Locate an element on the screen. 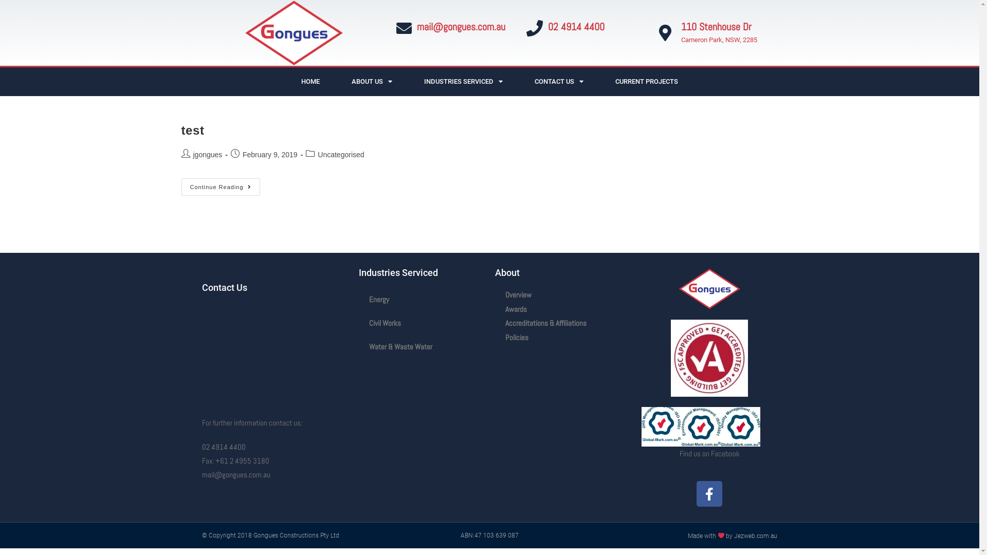 The image size is (987, 555). 'ABN:47 103 639 087' is located at coordinates (460, 534).